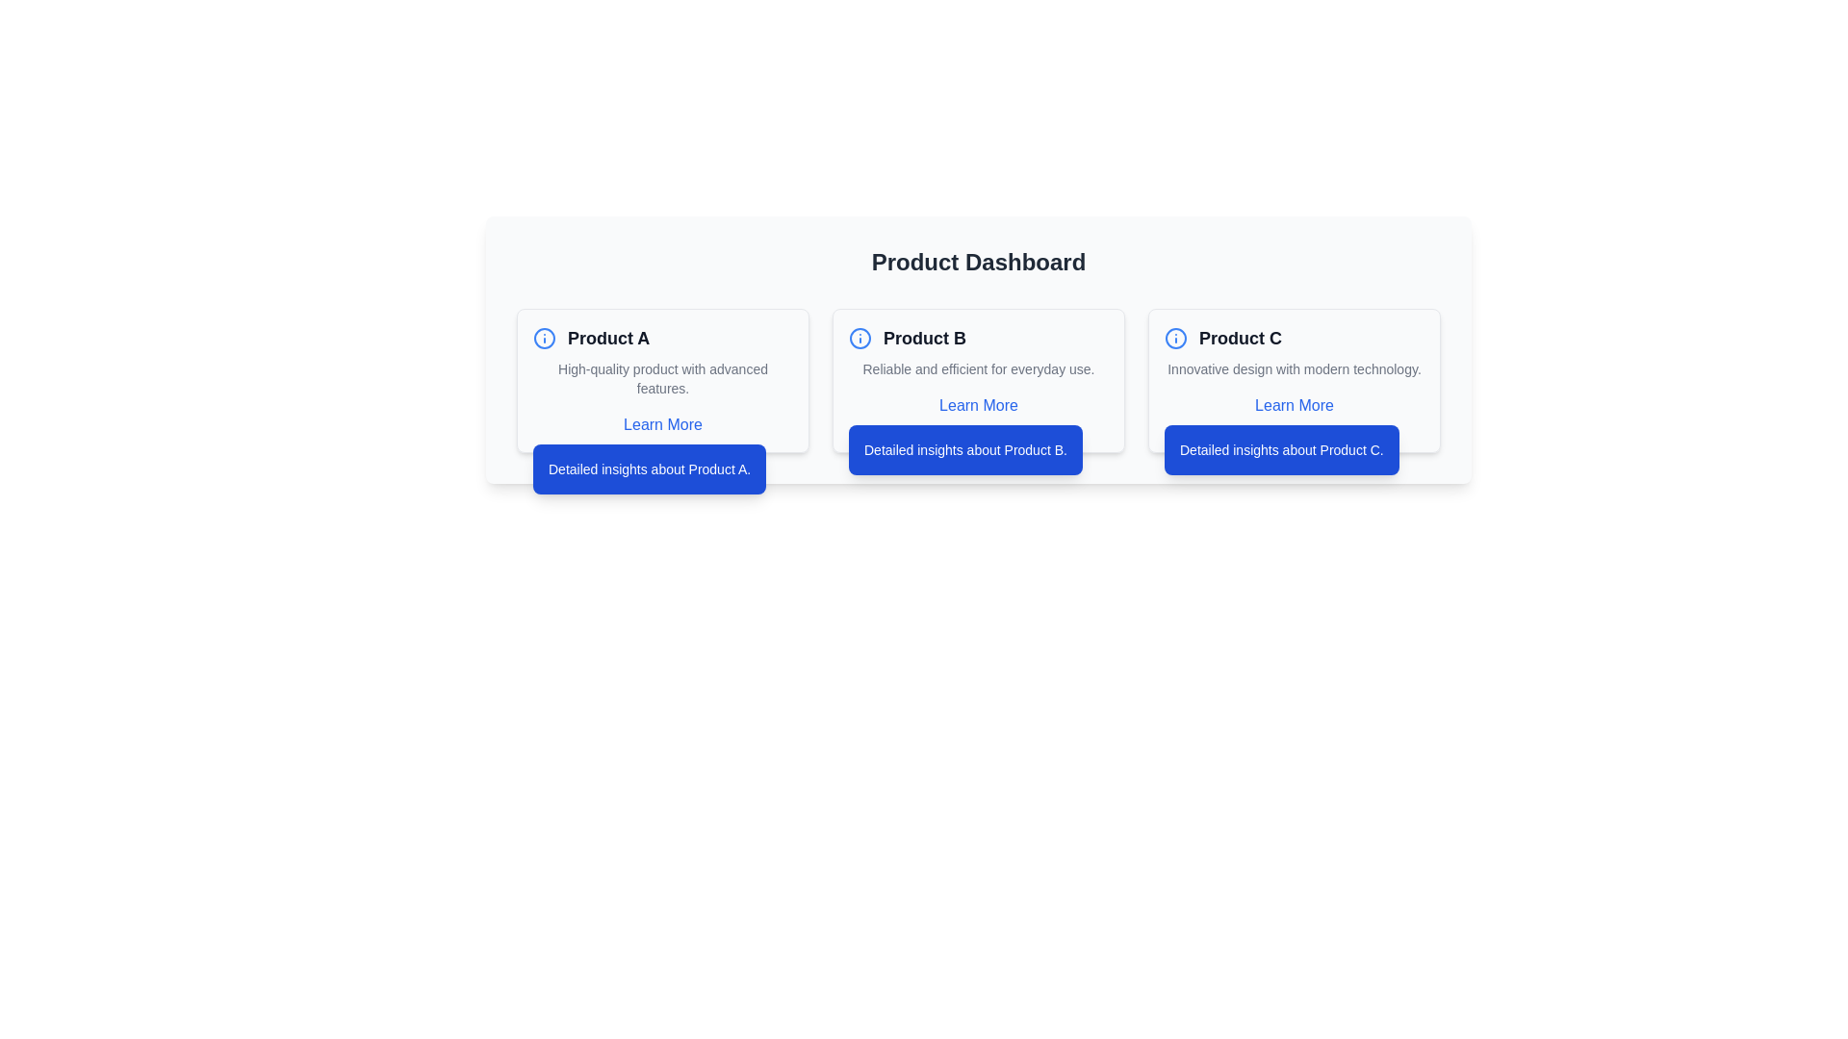  I want to click on the second card titled 'Product B' in the grid layout, so click(979, 381).